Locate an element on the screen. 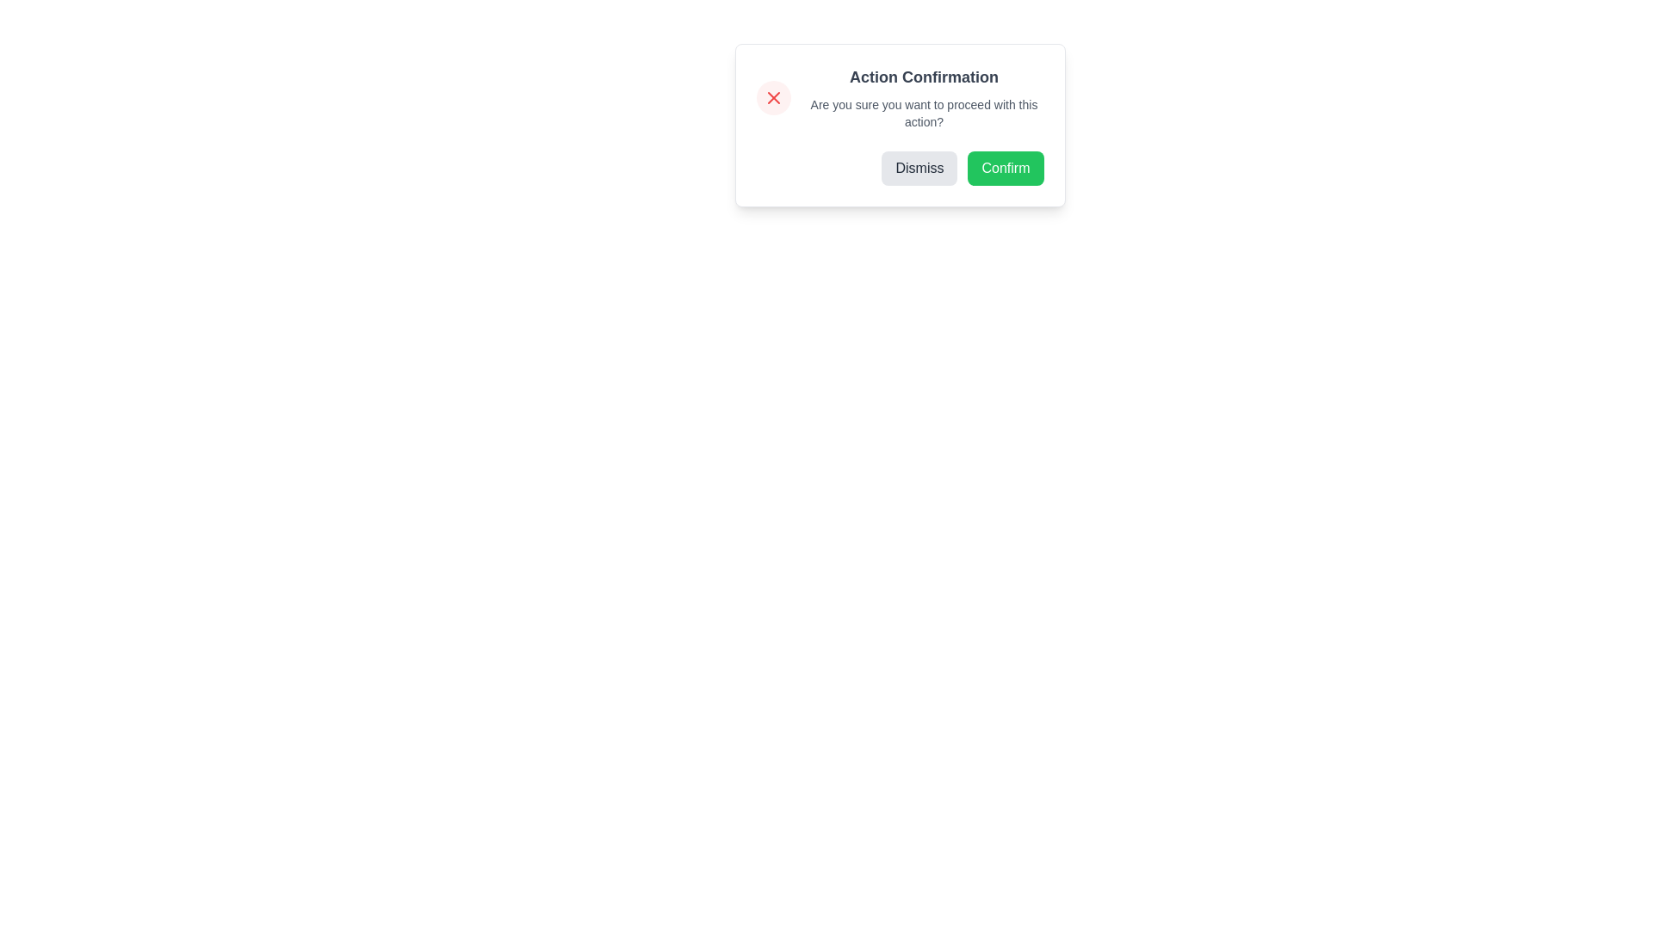 This screenshot has height=929, width=1653. the Text Block that serves as a title and description for the confirmation dialog, located centrally within the white modal overlay, directly right of the red icon and above the 'Dismiss' and 'Confirm' buttons is located at coordinates (923, 98).